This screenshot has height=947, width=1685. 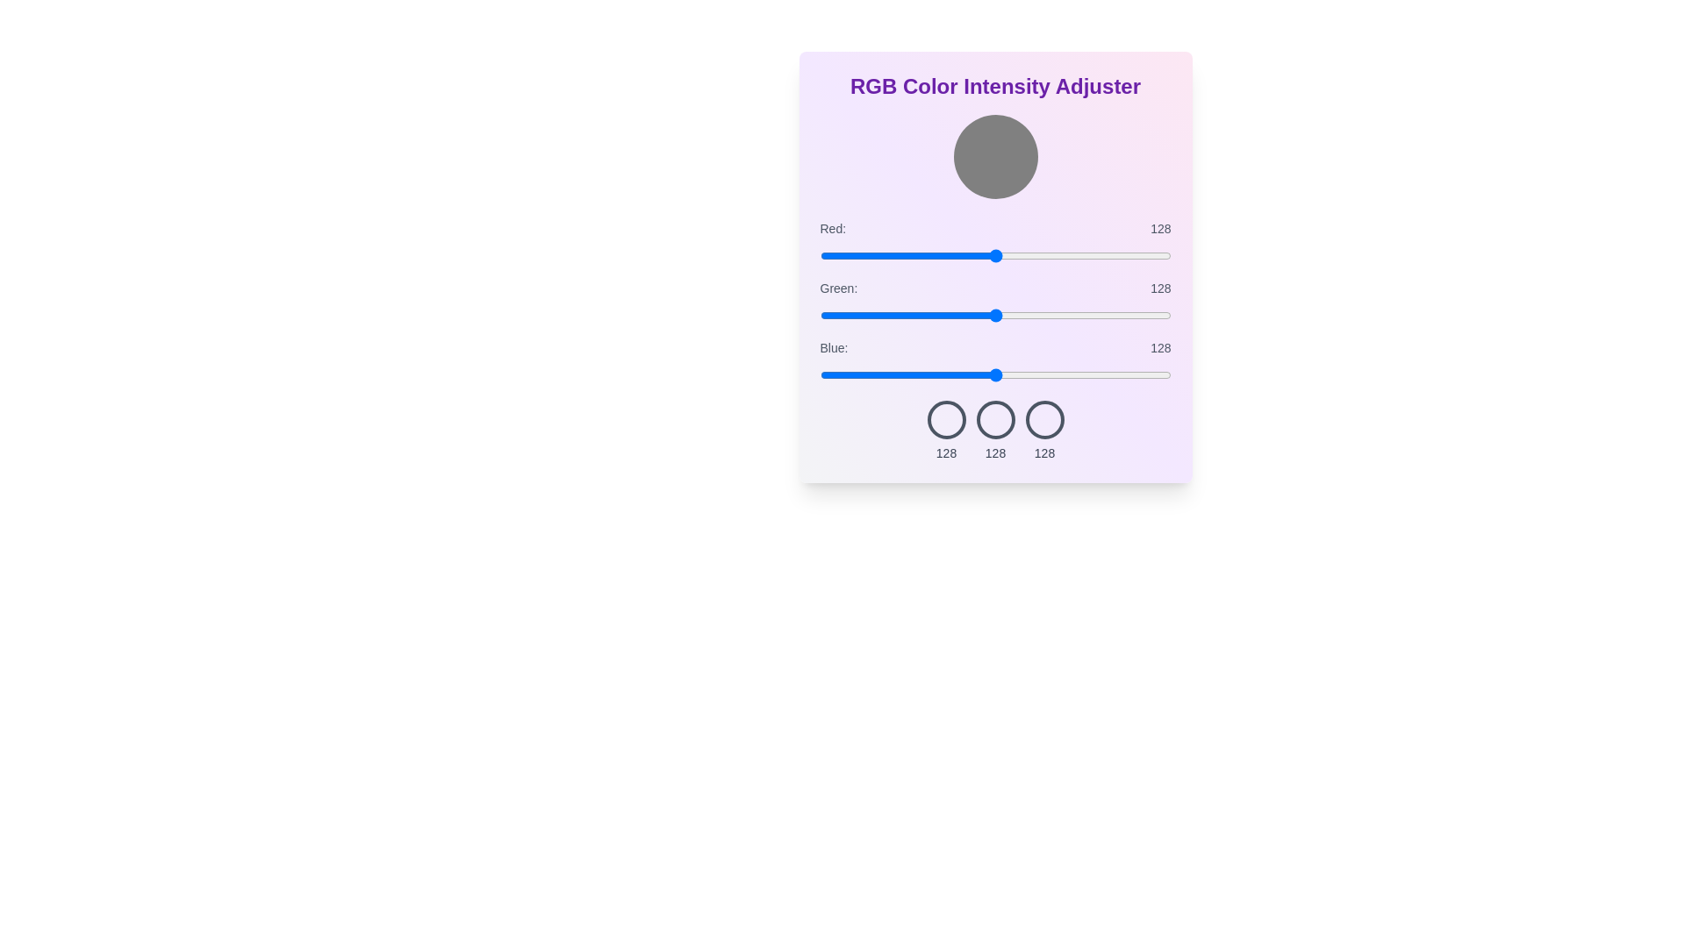 I want to click on the red slider to observe its interactive feedback, so click(x=995, y=256).